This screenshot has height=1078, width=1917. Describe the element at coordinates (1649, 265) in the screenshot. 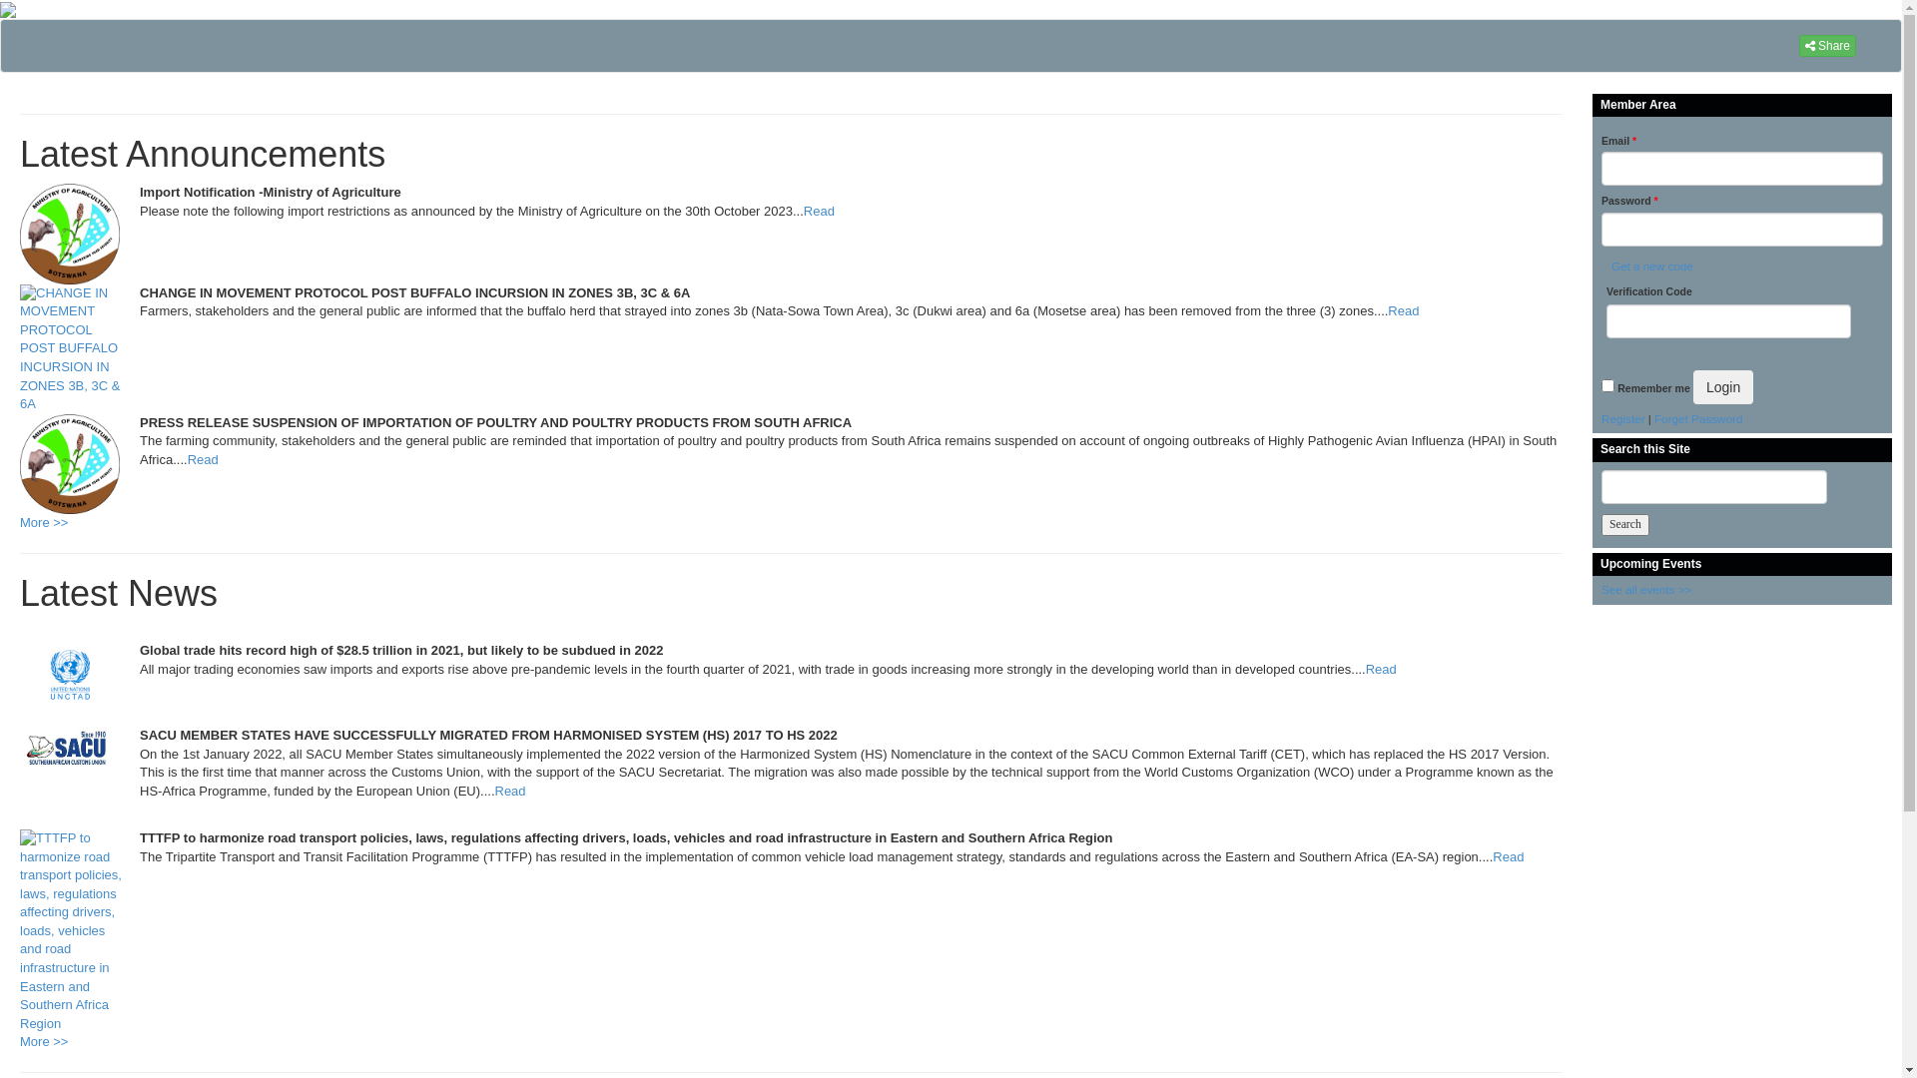

I see `'Get a new code'` at that location.